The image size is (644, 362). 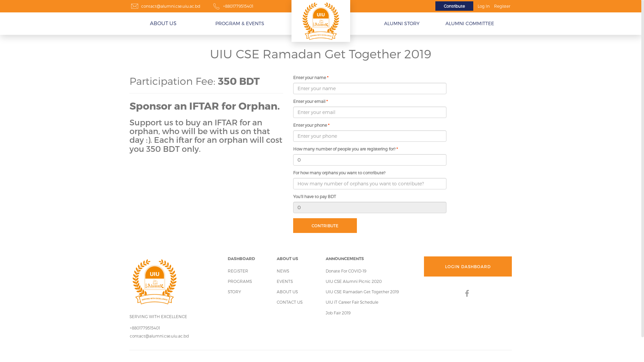 I want to click on '+8801779515401', so click(x=238, y=6).